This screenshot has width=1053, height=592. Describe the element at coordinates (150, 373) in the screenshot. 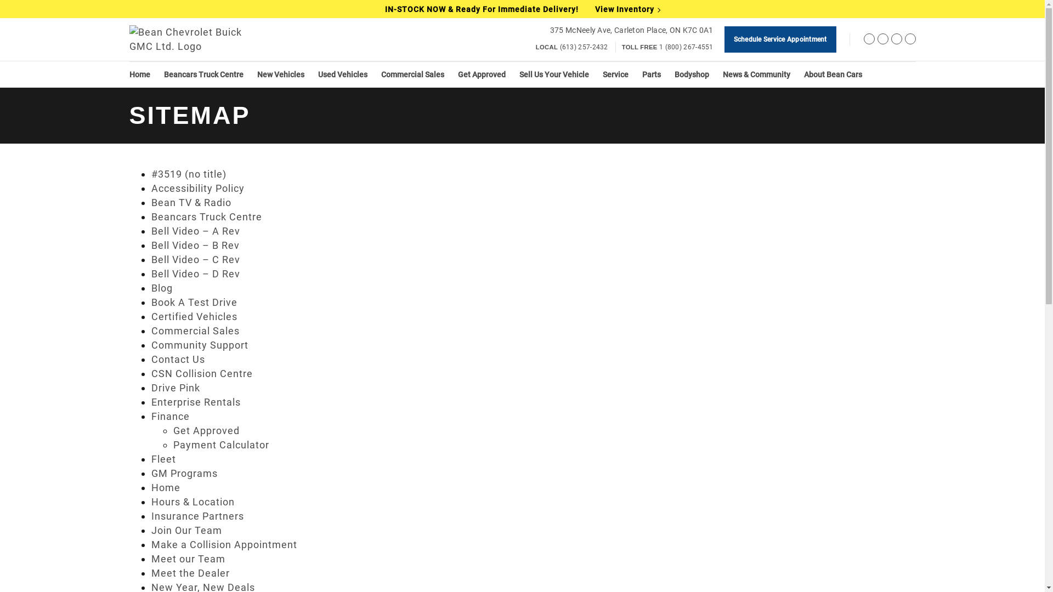

I see `'CSN Collision Centre'` at that location.